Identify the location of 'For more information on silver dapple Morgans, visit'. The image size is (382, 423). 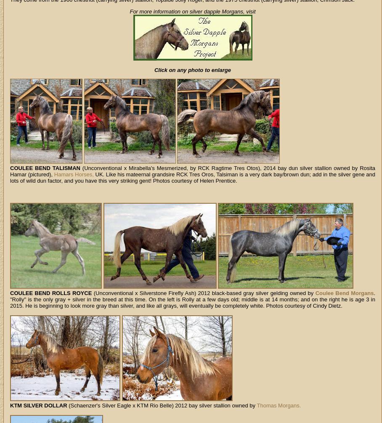
(192, 11).